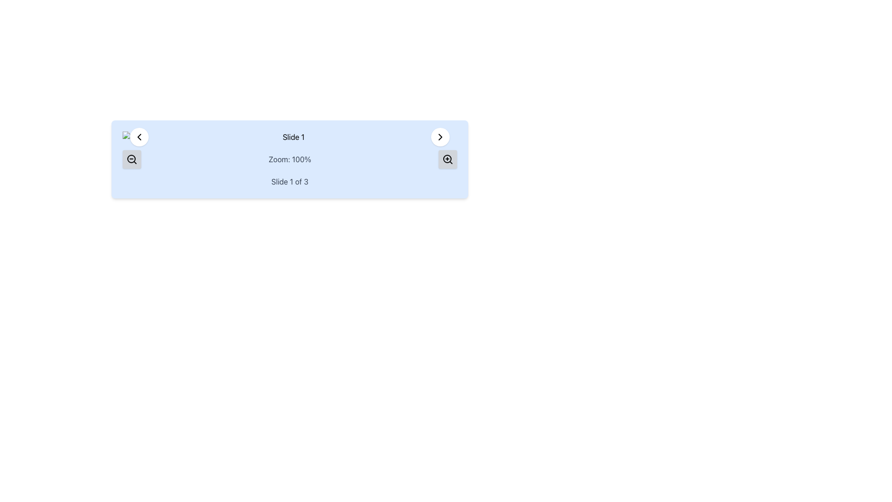 The width and height of the screenshot is (892, 502). Describe the element at coordinates (138, 137) in the screenshot. I see `the navigation button located at the top-left corner of the blue information panel` at that location.